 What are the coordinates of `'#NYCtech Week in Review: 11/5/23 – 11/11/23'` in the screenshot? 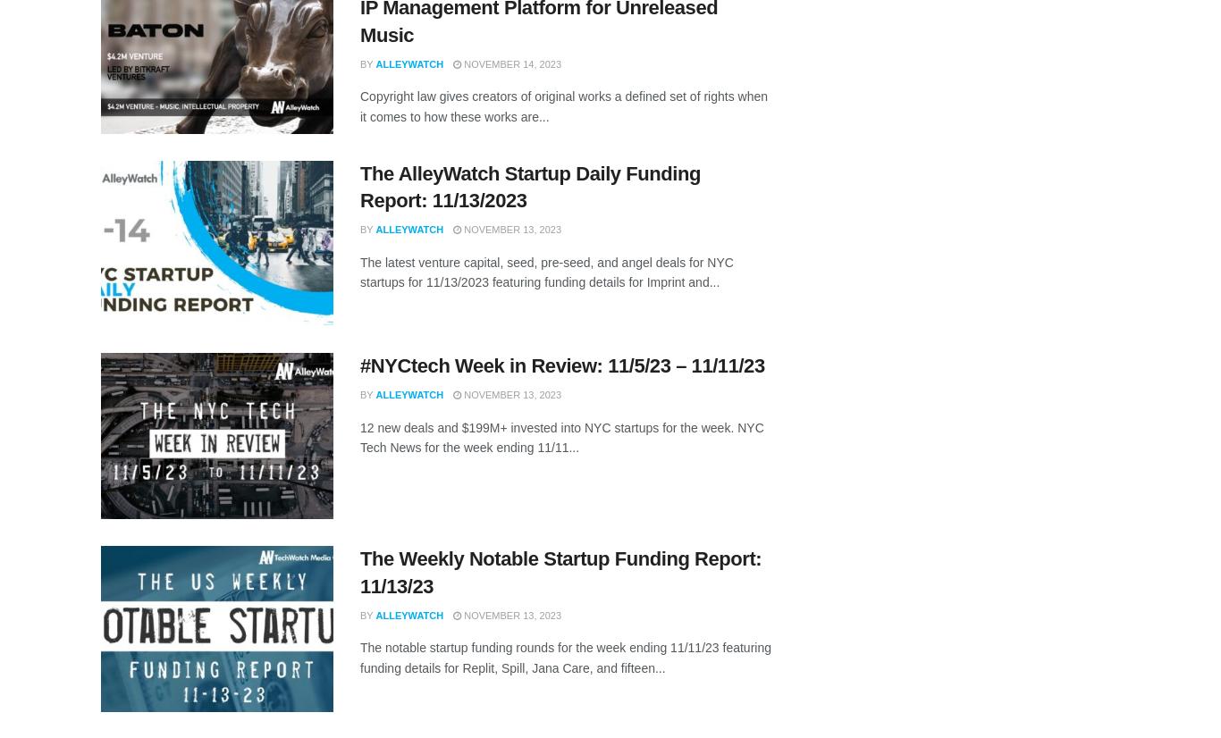 It's located at (561, 365).